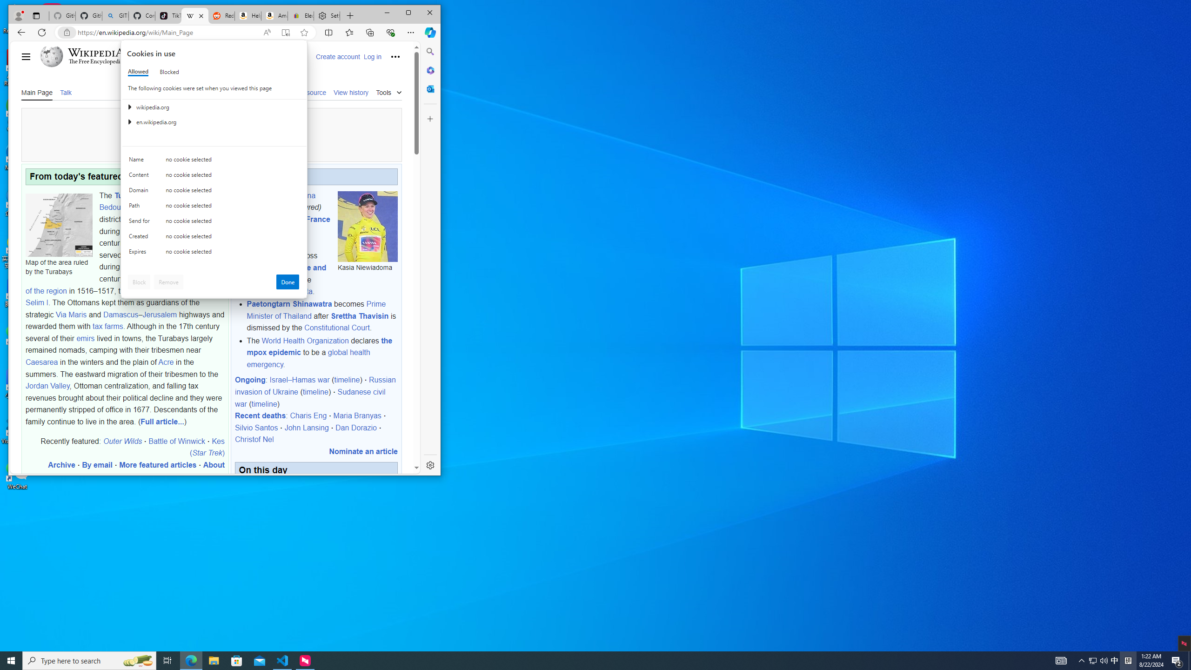 This screenshot has width=1191, height=670. Describe the element at coordinates (141, 192) in the screenshot. I see `'Domain'` at that location.